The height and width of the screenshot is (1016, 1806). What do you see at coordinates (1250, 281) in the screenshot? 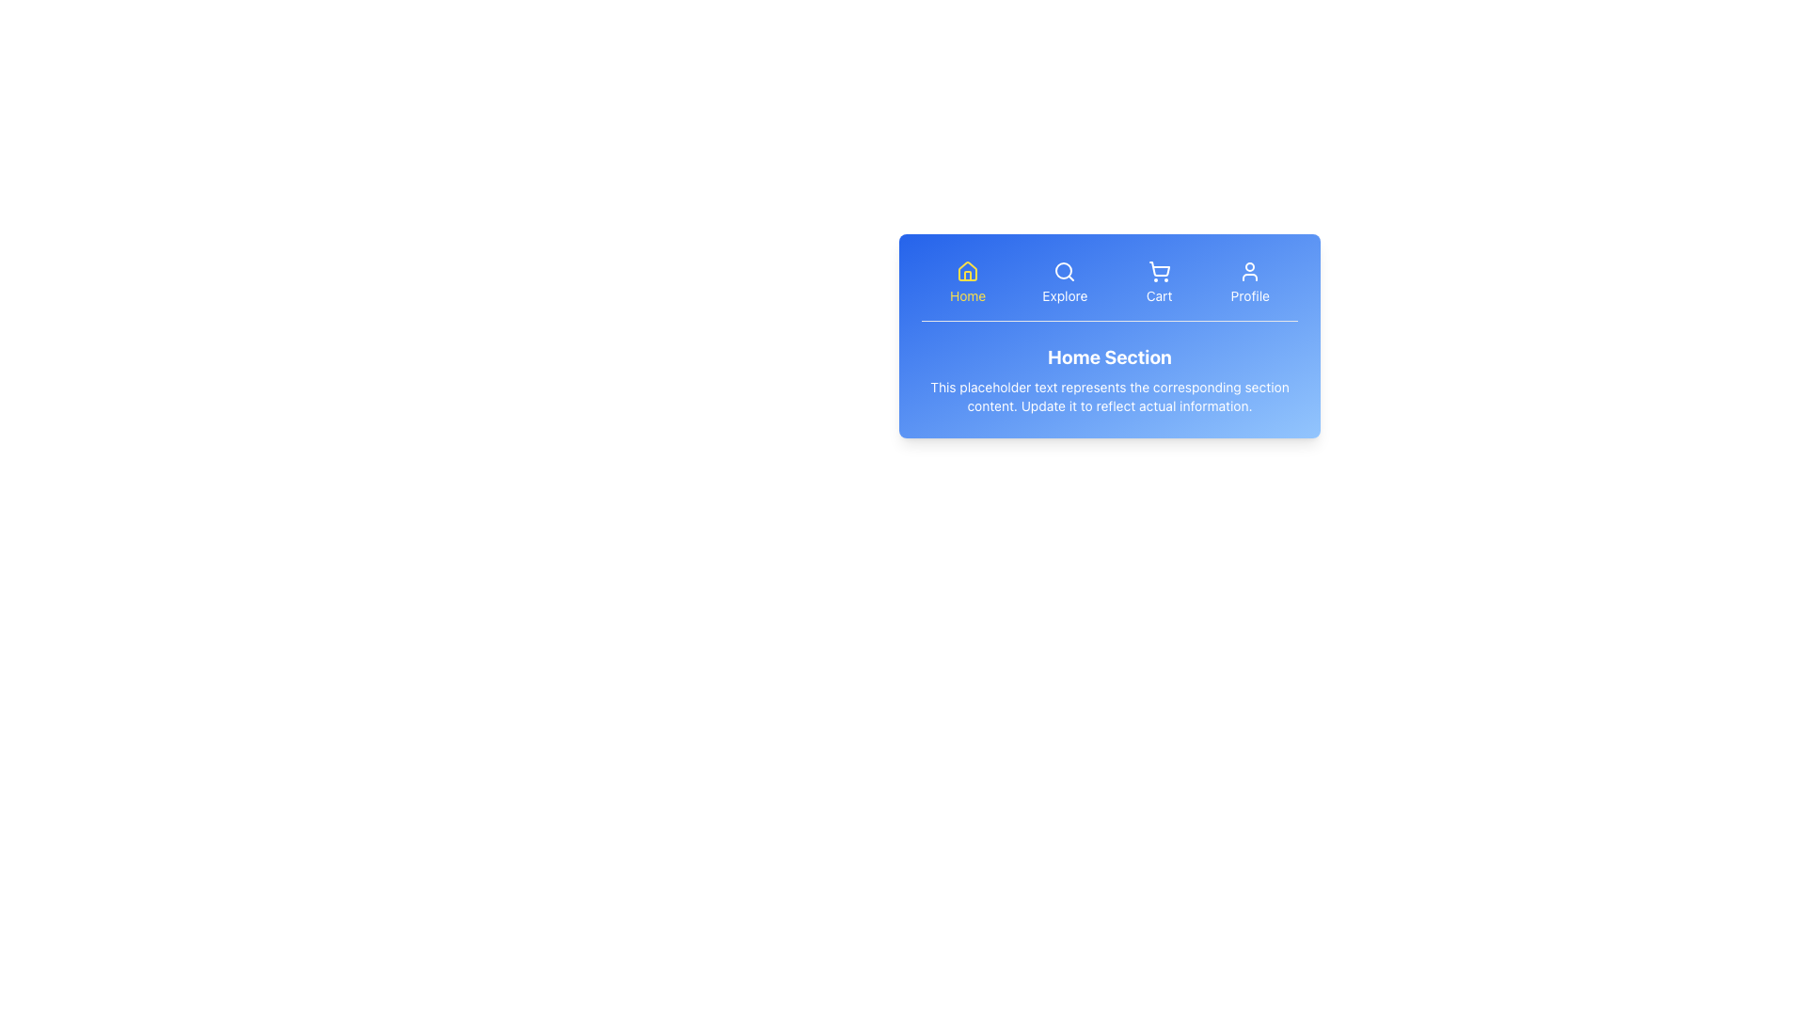
I see `the 'Profile' button in the navigation bar` at bounding box center [1250, 281].